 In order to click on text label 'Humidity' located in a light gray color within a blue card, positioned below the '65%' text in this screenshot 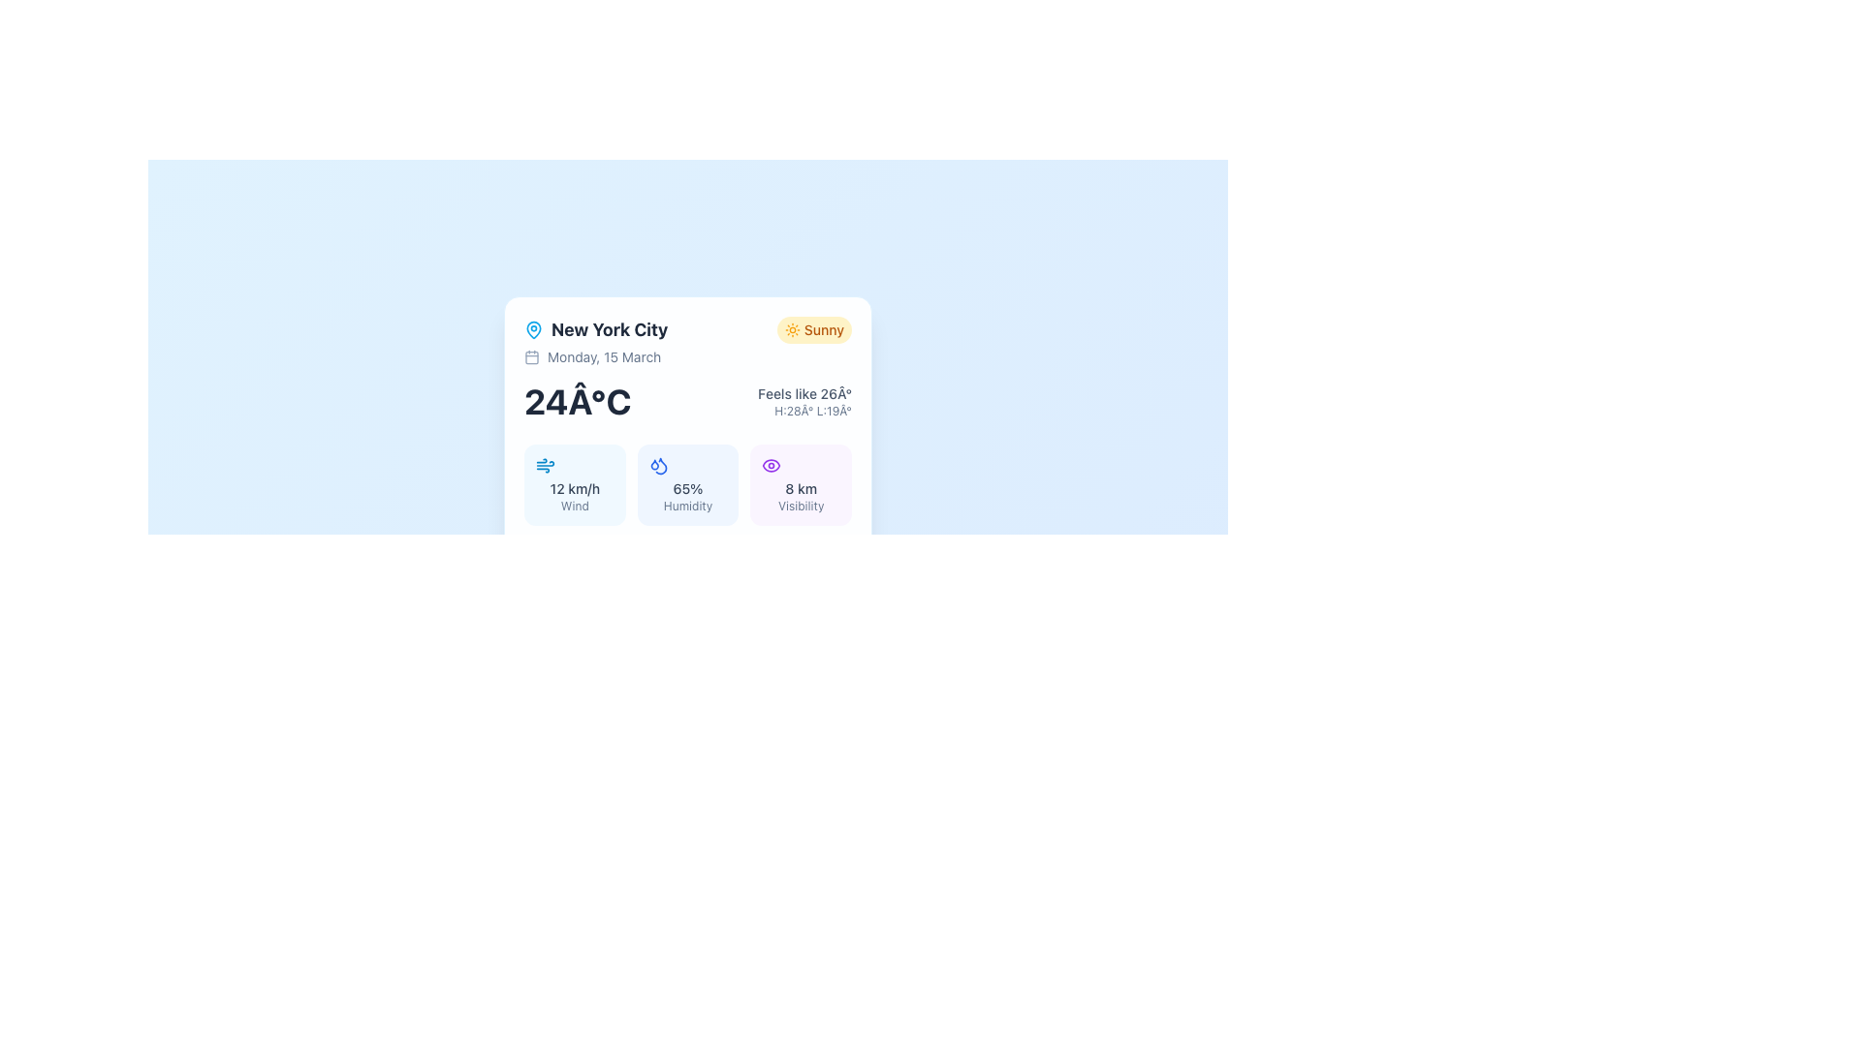, I will do `click(688, 506)`.